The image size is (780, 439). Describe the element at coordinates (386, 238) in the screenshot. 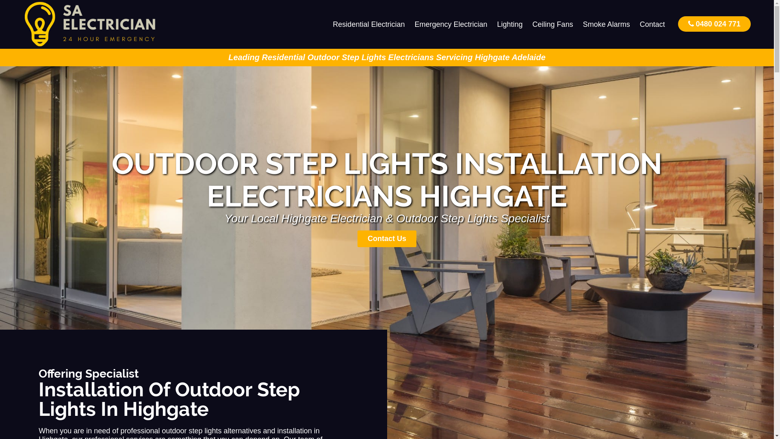

I see `'Contact Us'` at that location.